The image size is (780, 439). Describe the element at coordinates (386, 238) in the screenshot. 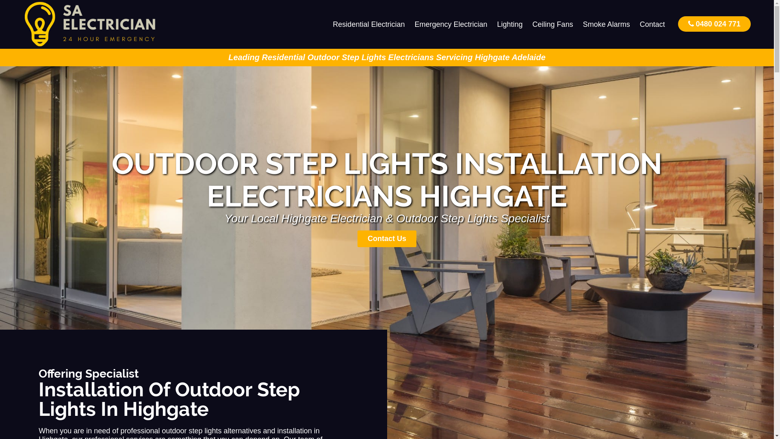

I see `'Contact Us'` at that location.